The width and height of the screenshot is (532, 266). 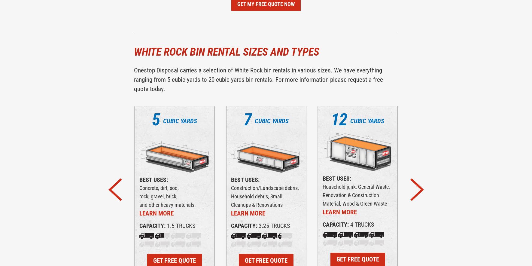 I want to click on 'Onestop Disposal carries a selection of White Rock bin rentals in various sizes. We have everything ranging from 5 cubic yards to 20 cubic yards bin rentals. For more information please request a free quote today.', so click(x=258, y=79).